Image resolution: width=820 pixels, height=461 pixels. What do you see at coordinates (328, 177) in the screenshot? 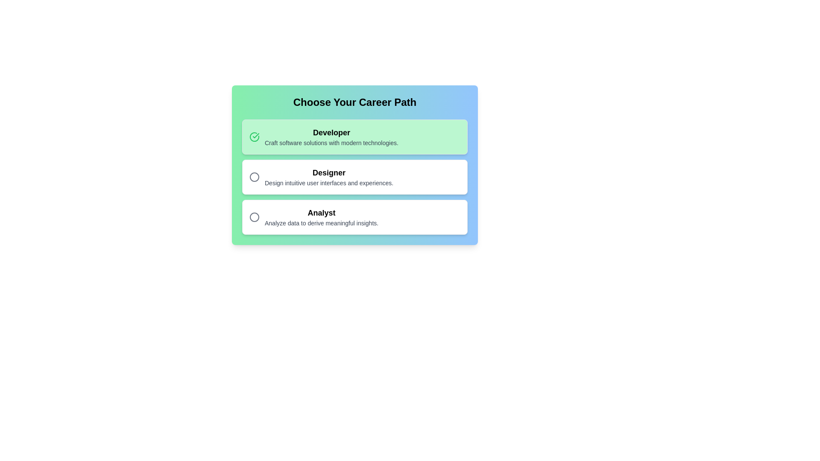
I see `the selectable option for the designer role in the second row of the list, located between the 'Developer' and 'Analyst' options` at bounding box center [328, 177].